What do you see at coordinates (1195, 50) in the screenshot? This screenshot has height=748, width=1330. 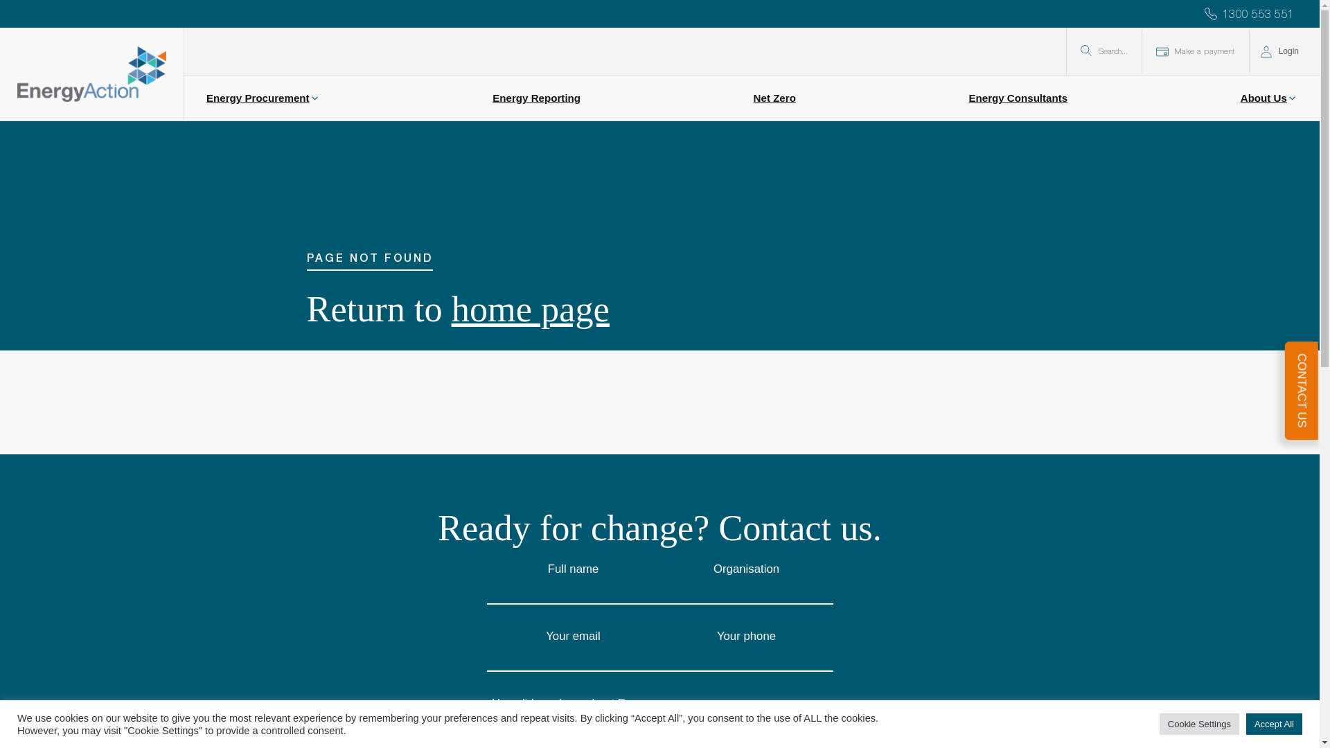 I see `'Make a payment'` at bounding box center [1195, 50].